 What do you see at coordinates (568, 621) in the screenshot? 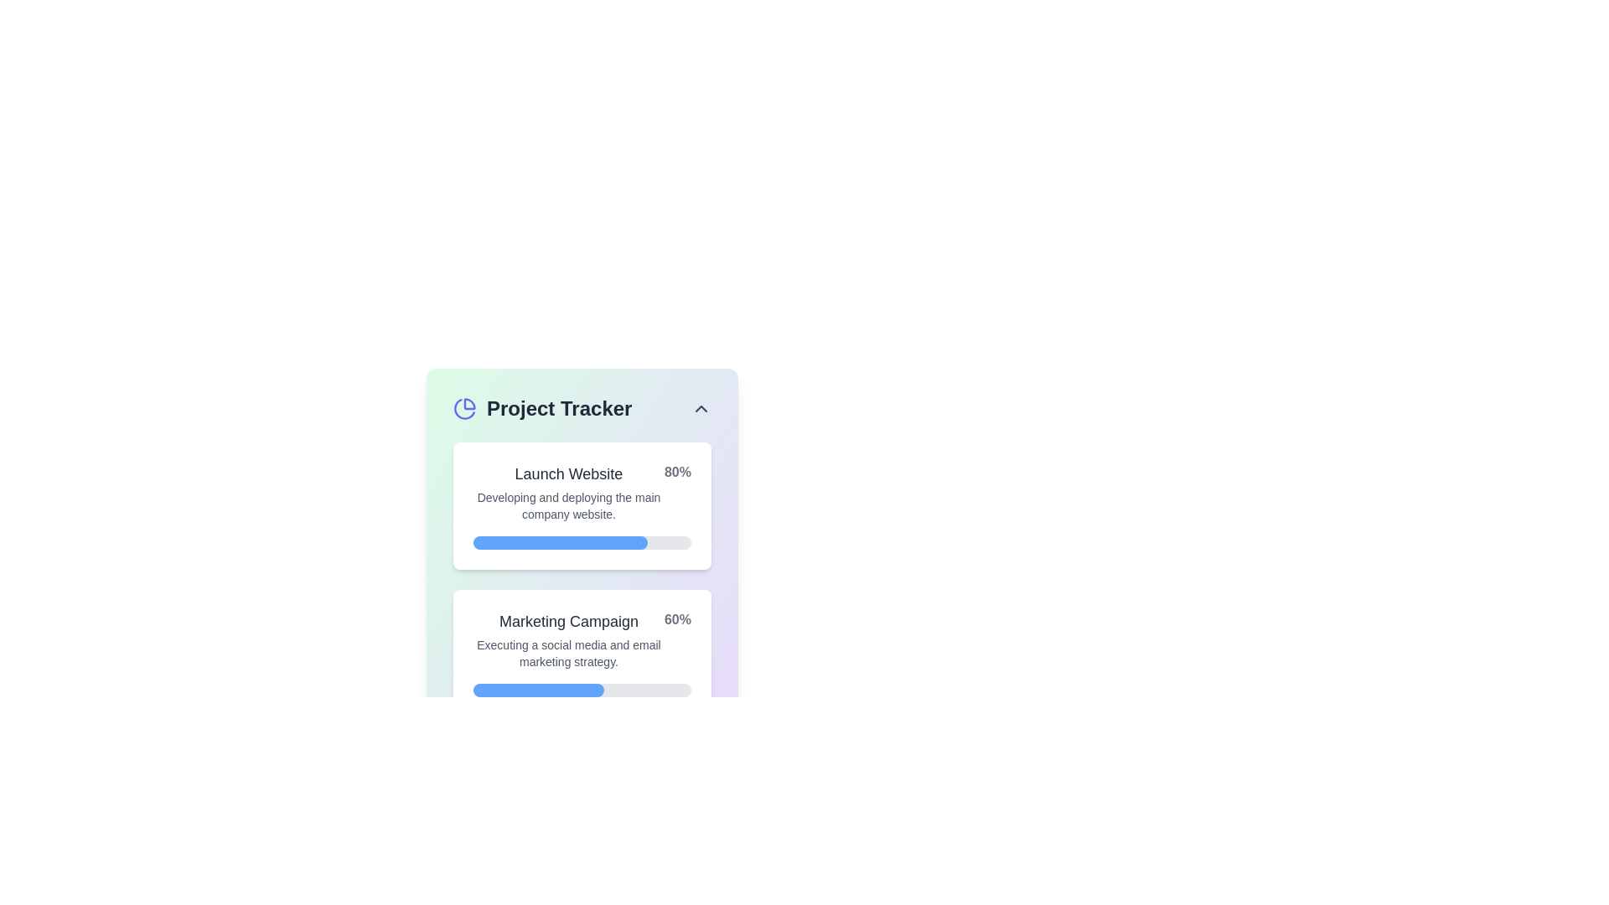
I see `the text label that displays 'Marketing Campaign', styled in bold dark gray, positioned above the description within its card` at bounding box center [568, 621].